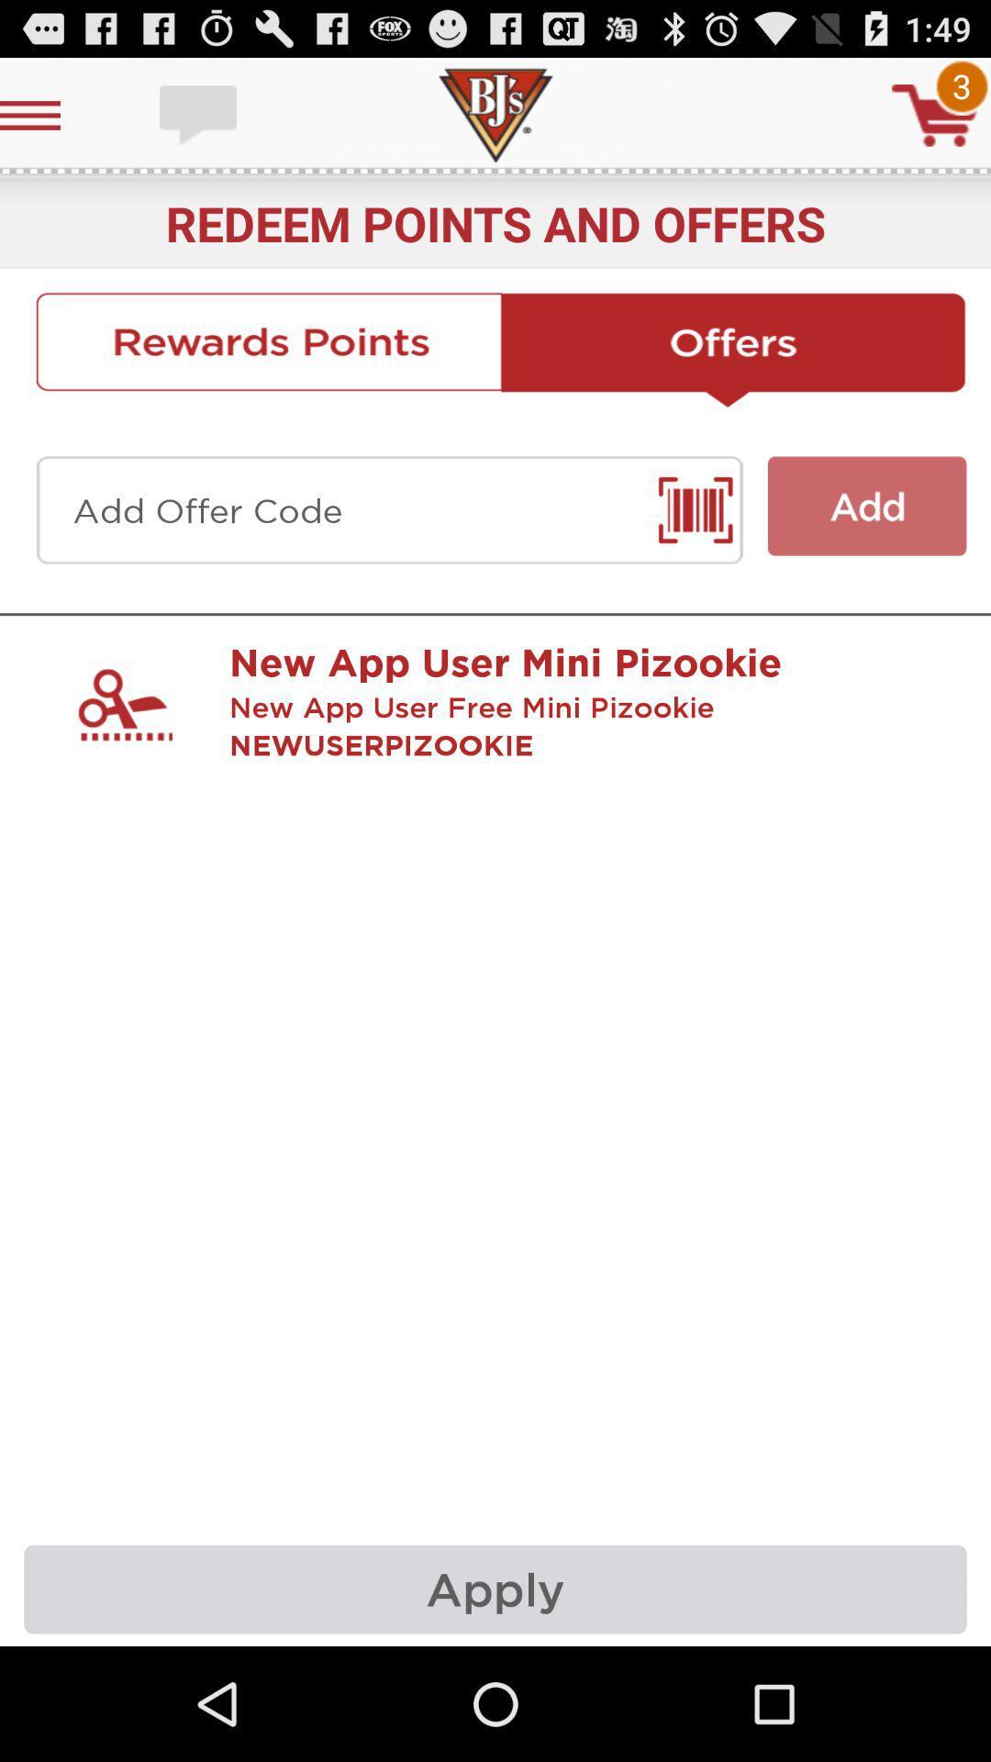  I want to click on reward tab, so click(269, 350).